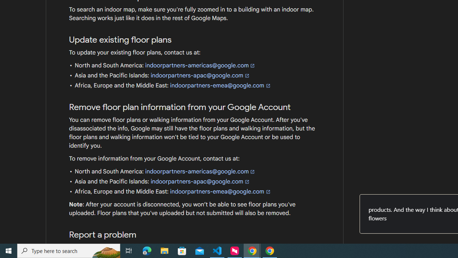 This screenshot has width=458, height=258. I want to click on 'indoorpartners-emea@google.com', so click(220, 191).